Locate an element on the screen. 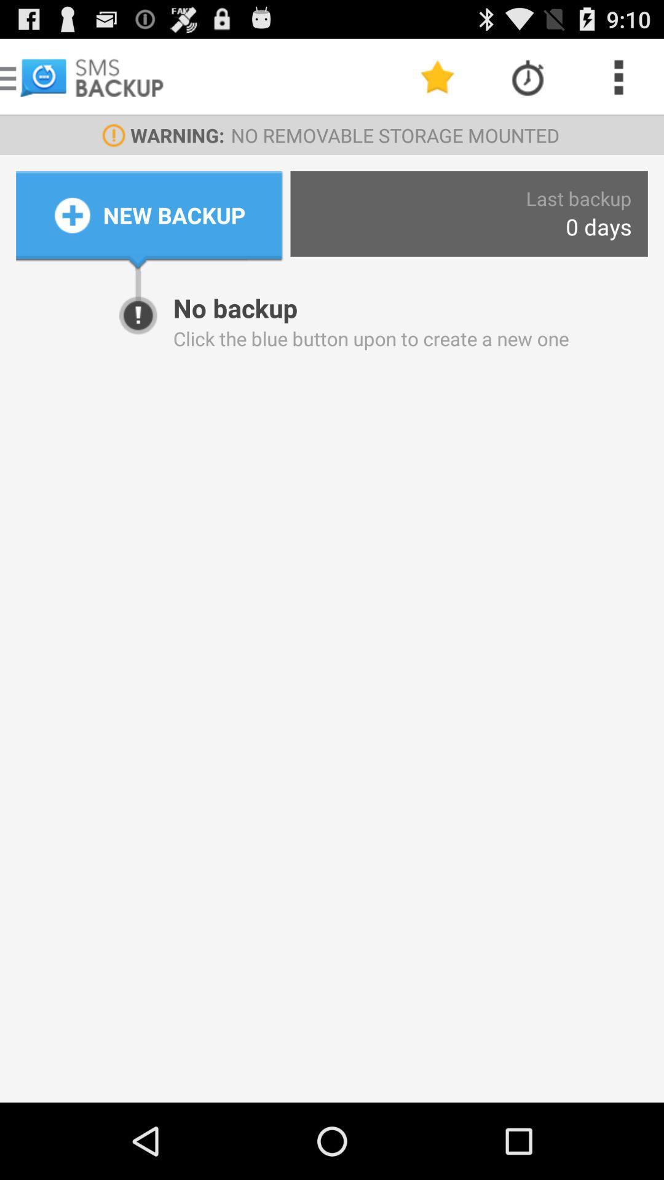  the item below the no removable storage item is located at coordinates (579, 198).